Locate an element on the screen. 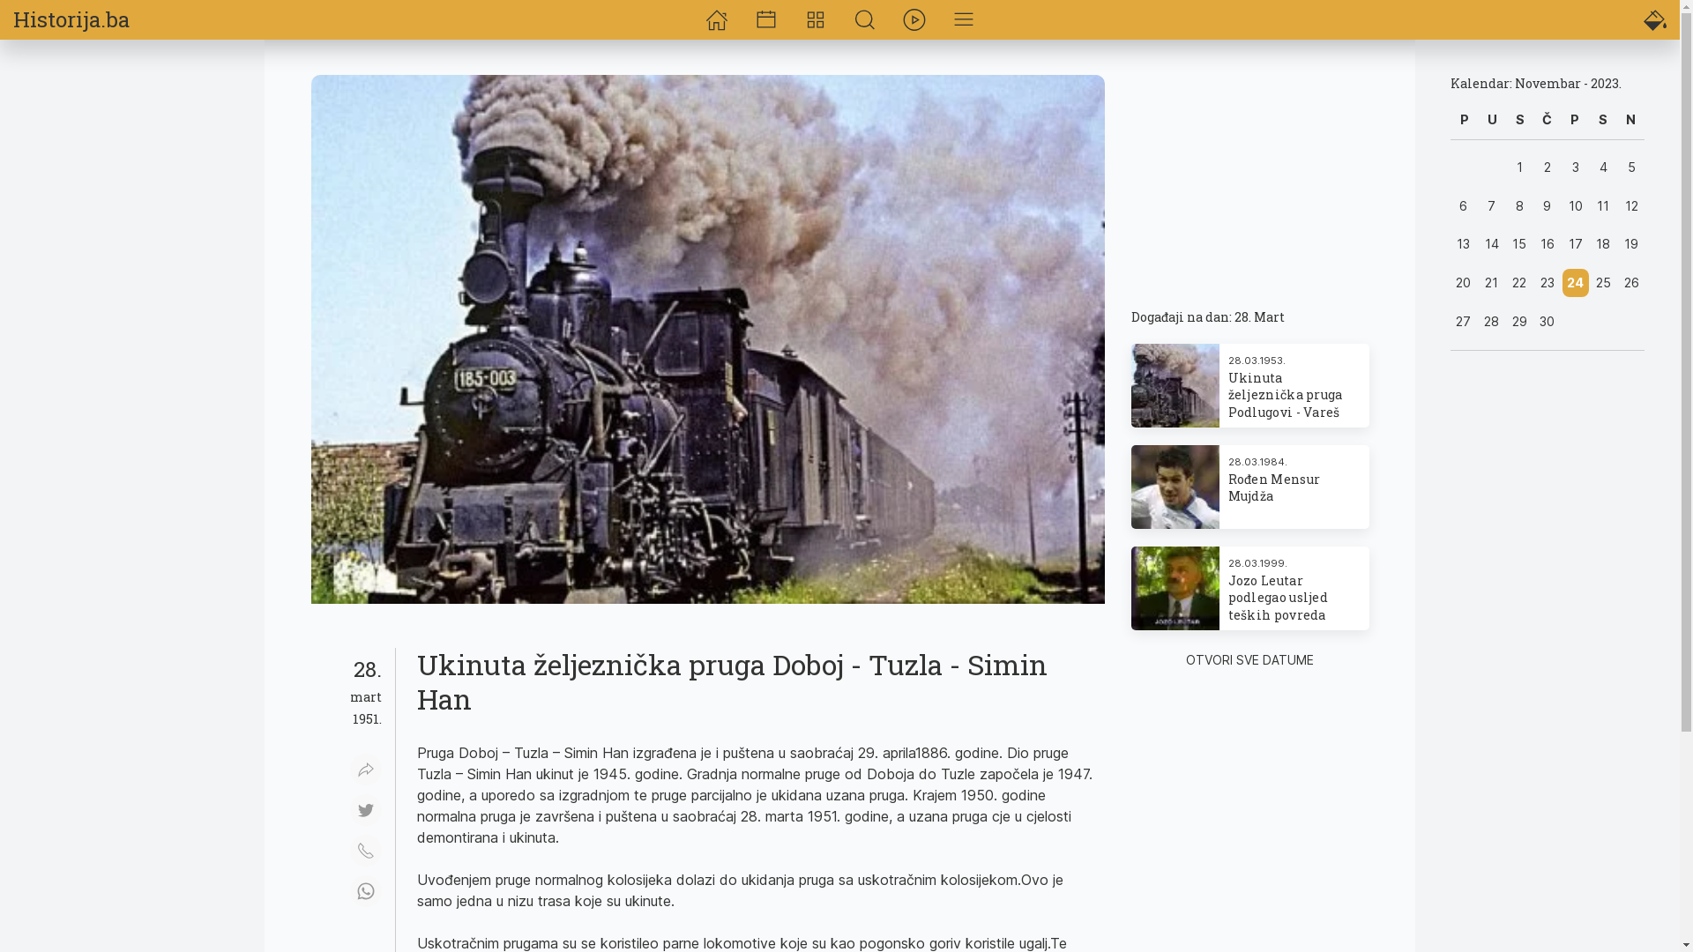  '4' is located at coordinates (1604, 167).